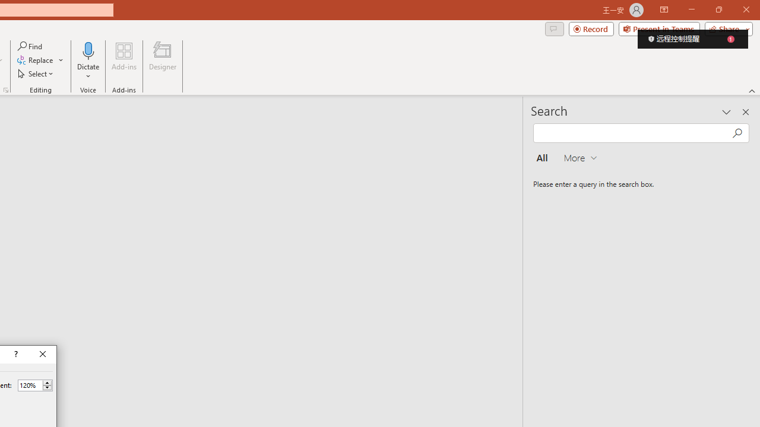 This screenshot has width=760, height=427. Describe the element at coordinates (30, 46) in the screenshot. I see `'Find...'` at that location.